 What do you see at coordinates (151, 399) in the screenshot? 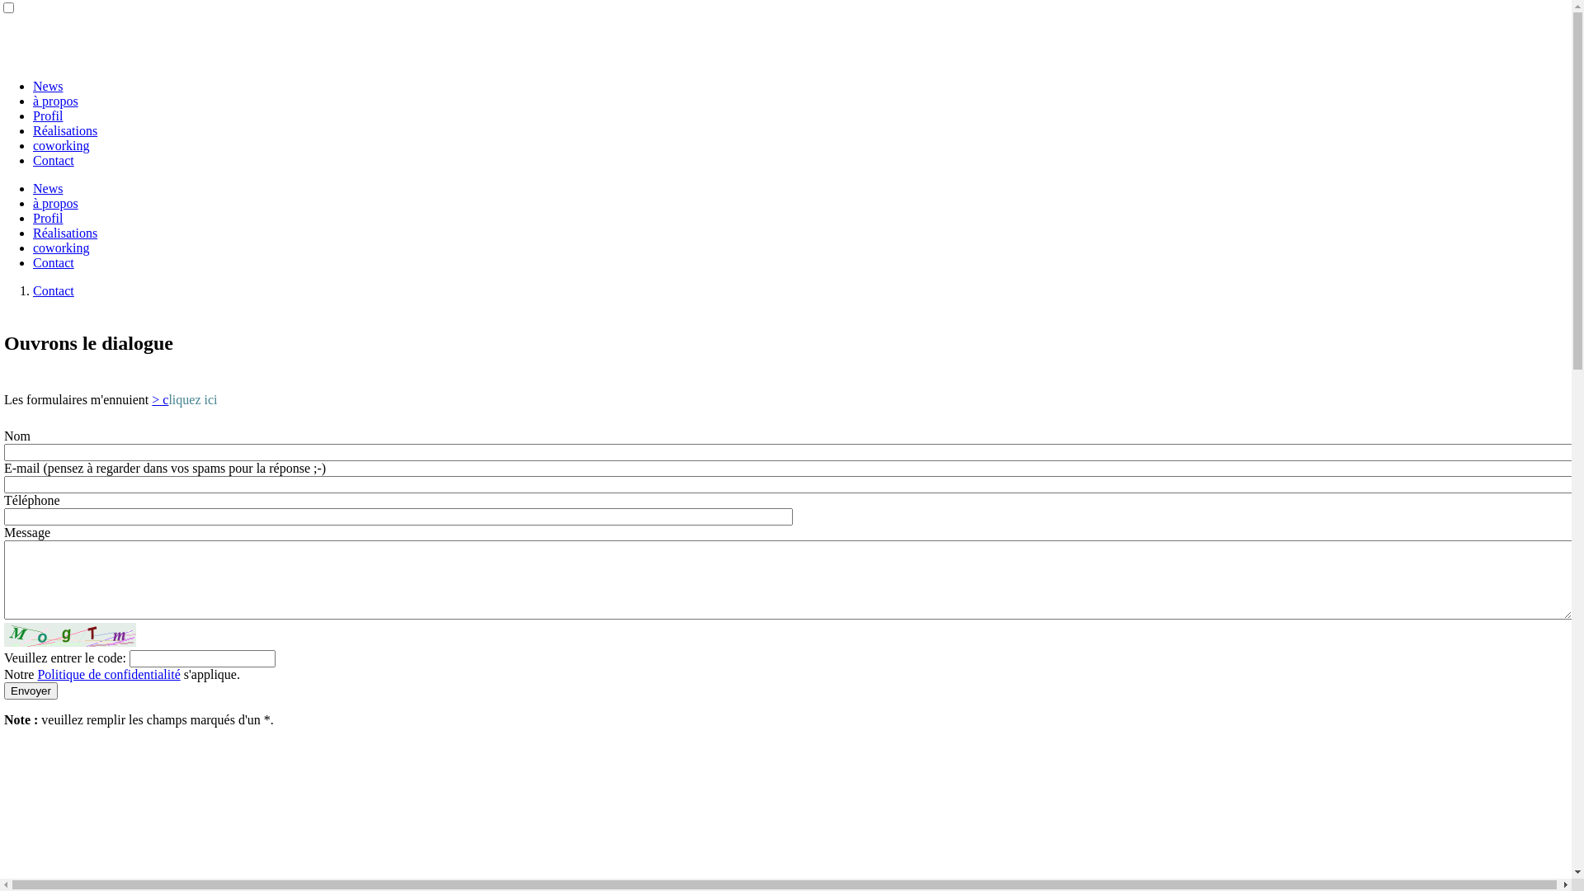
I see `'> c'` at bounding box center [151, 399].